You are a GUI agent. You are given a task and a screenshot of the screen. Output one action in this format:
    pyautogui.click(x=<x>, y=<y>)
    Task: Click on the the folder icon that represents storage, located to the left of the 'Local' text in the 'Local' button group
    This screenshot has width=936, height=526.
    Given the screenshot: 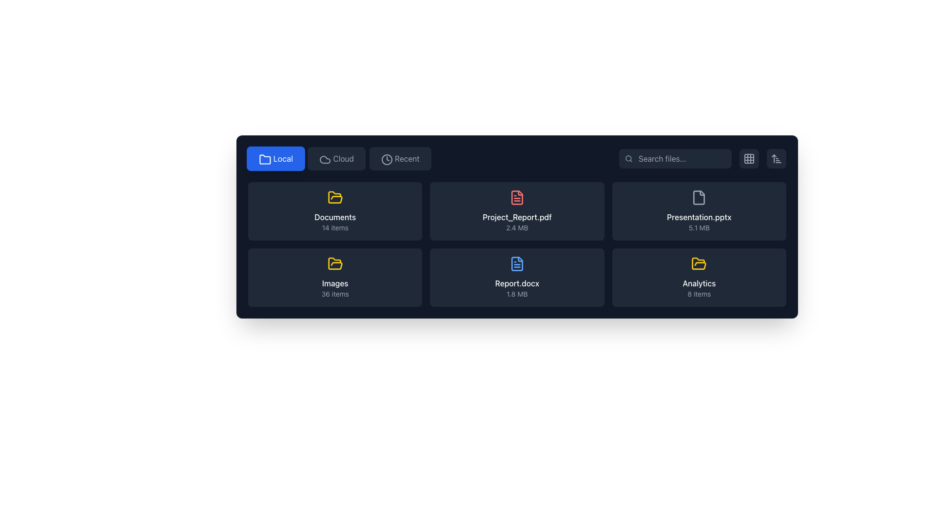 What is the action you would take?
    pyautogui.click(x=264, y=158)
    